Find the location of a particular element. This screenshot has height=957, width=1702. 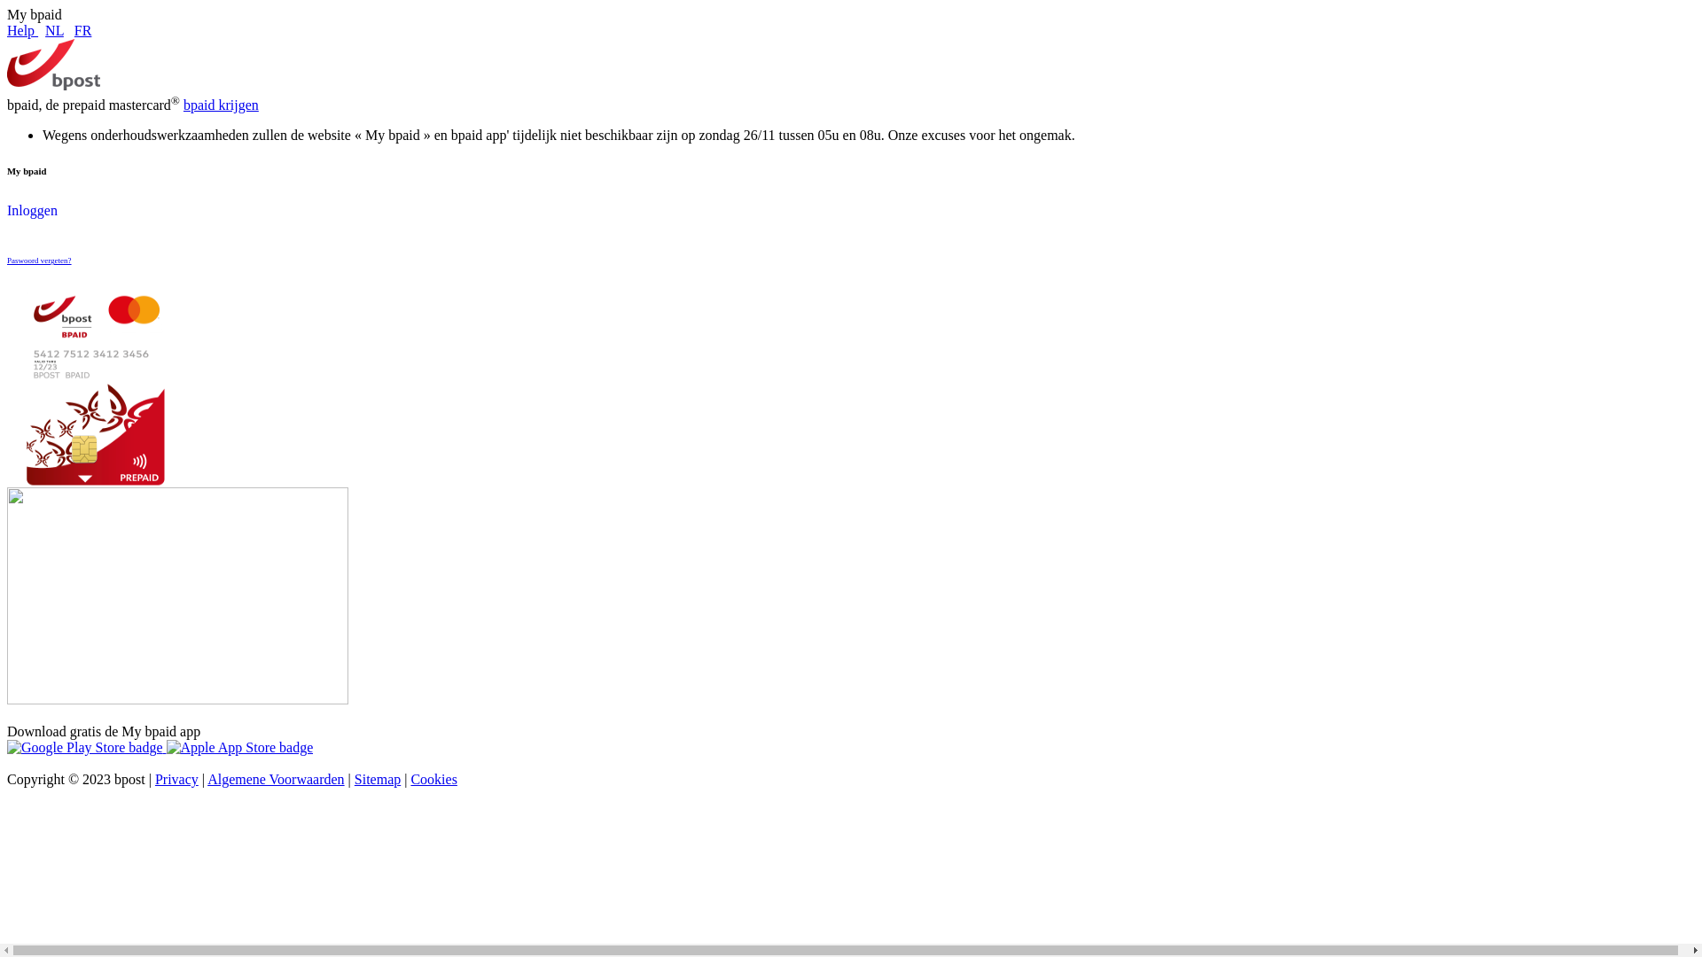

'Help' is located at coordinates (7, 30).